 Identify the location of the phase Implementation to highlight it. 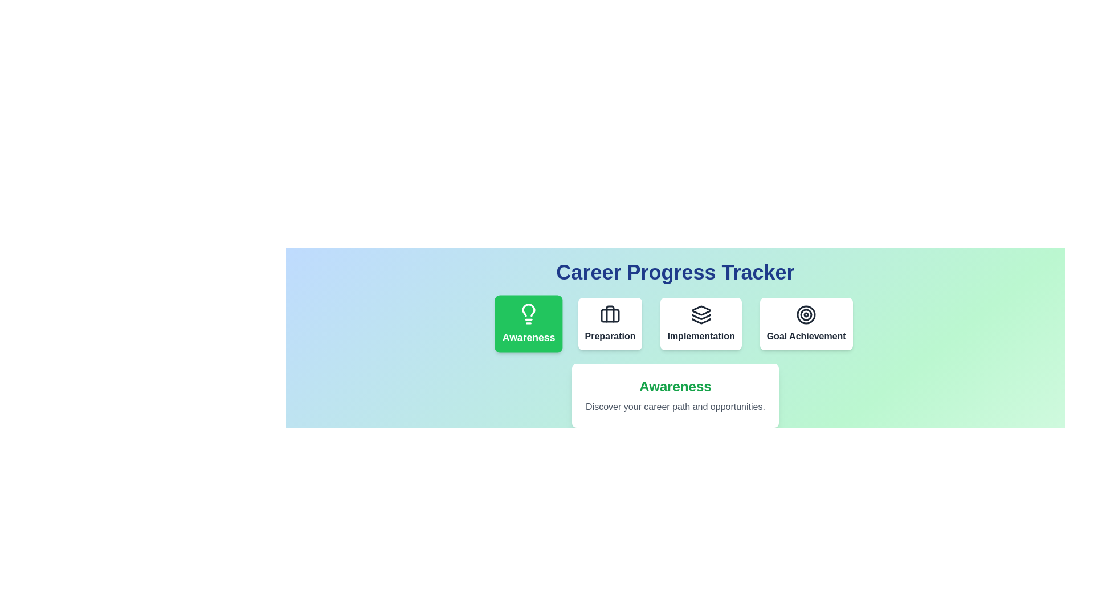
(700, 324).